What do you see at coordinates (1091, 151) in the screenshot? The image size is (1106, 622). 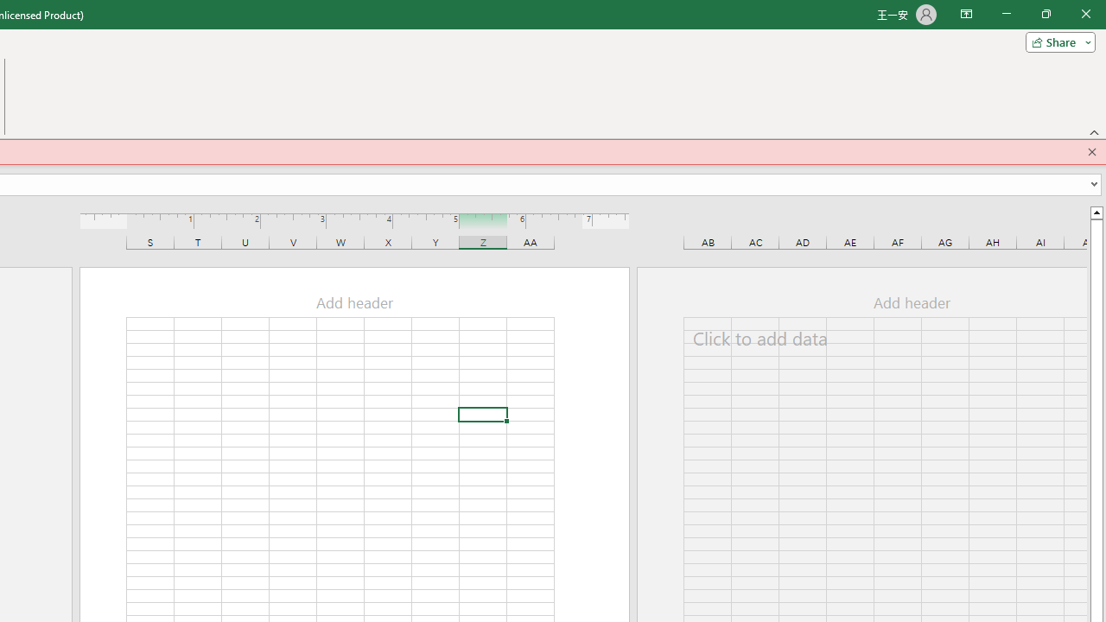 I see `'Close this message'` at bounding box center [1091, 151].